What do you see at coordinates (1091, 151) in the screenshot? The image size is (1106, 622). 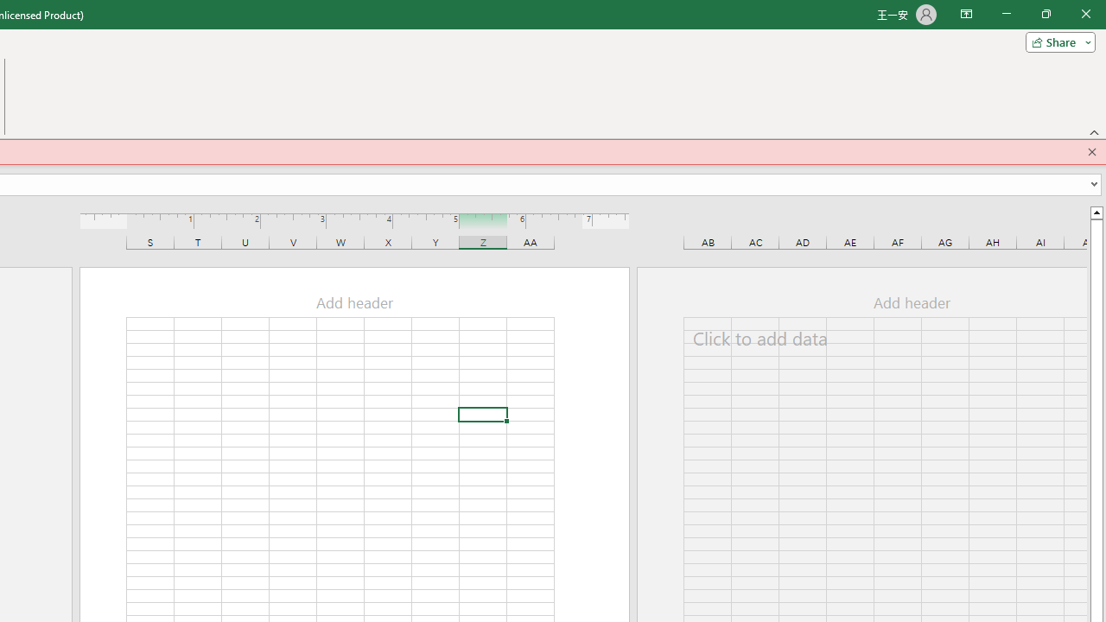 I see `'Close this message'` at bounding box center [1091, 151].